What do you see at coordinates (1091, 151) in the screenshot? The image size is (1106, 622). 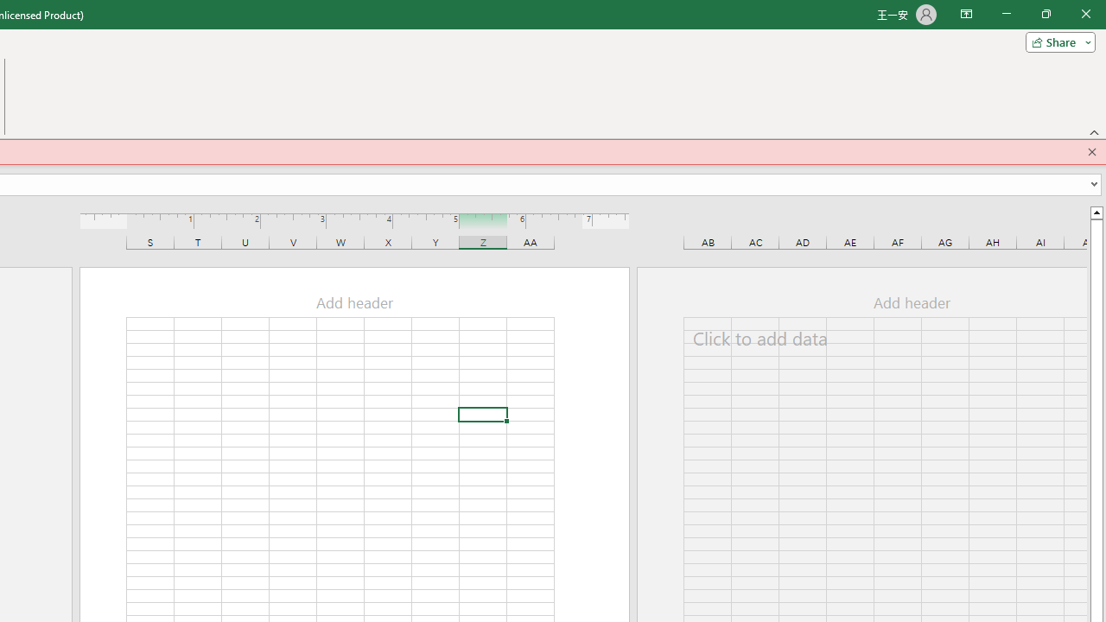 I see `'Close this message'` at bounding box center [1091, 151].